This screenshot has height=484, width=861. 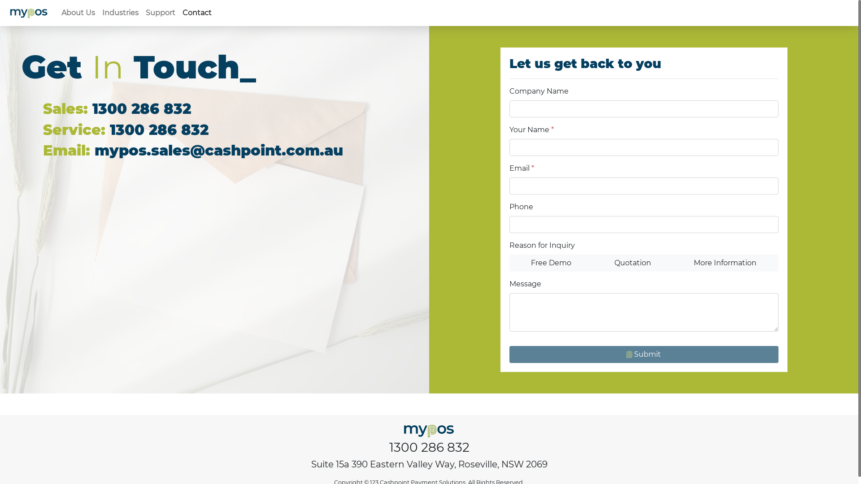 What do you see at coordinates (78, 13) in the screenshot?
I see `'About Us'` at bounding box center [78, 13].